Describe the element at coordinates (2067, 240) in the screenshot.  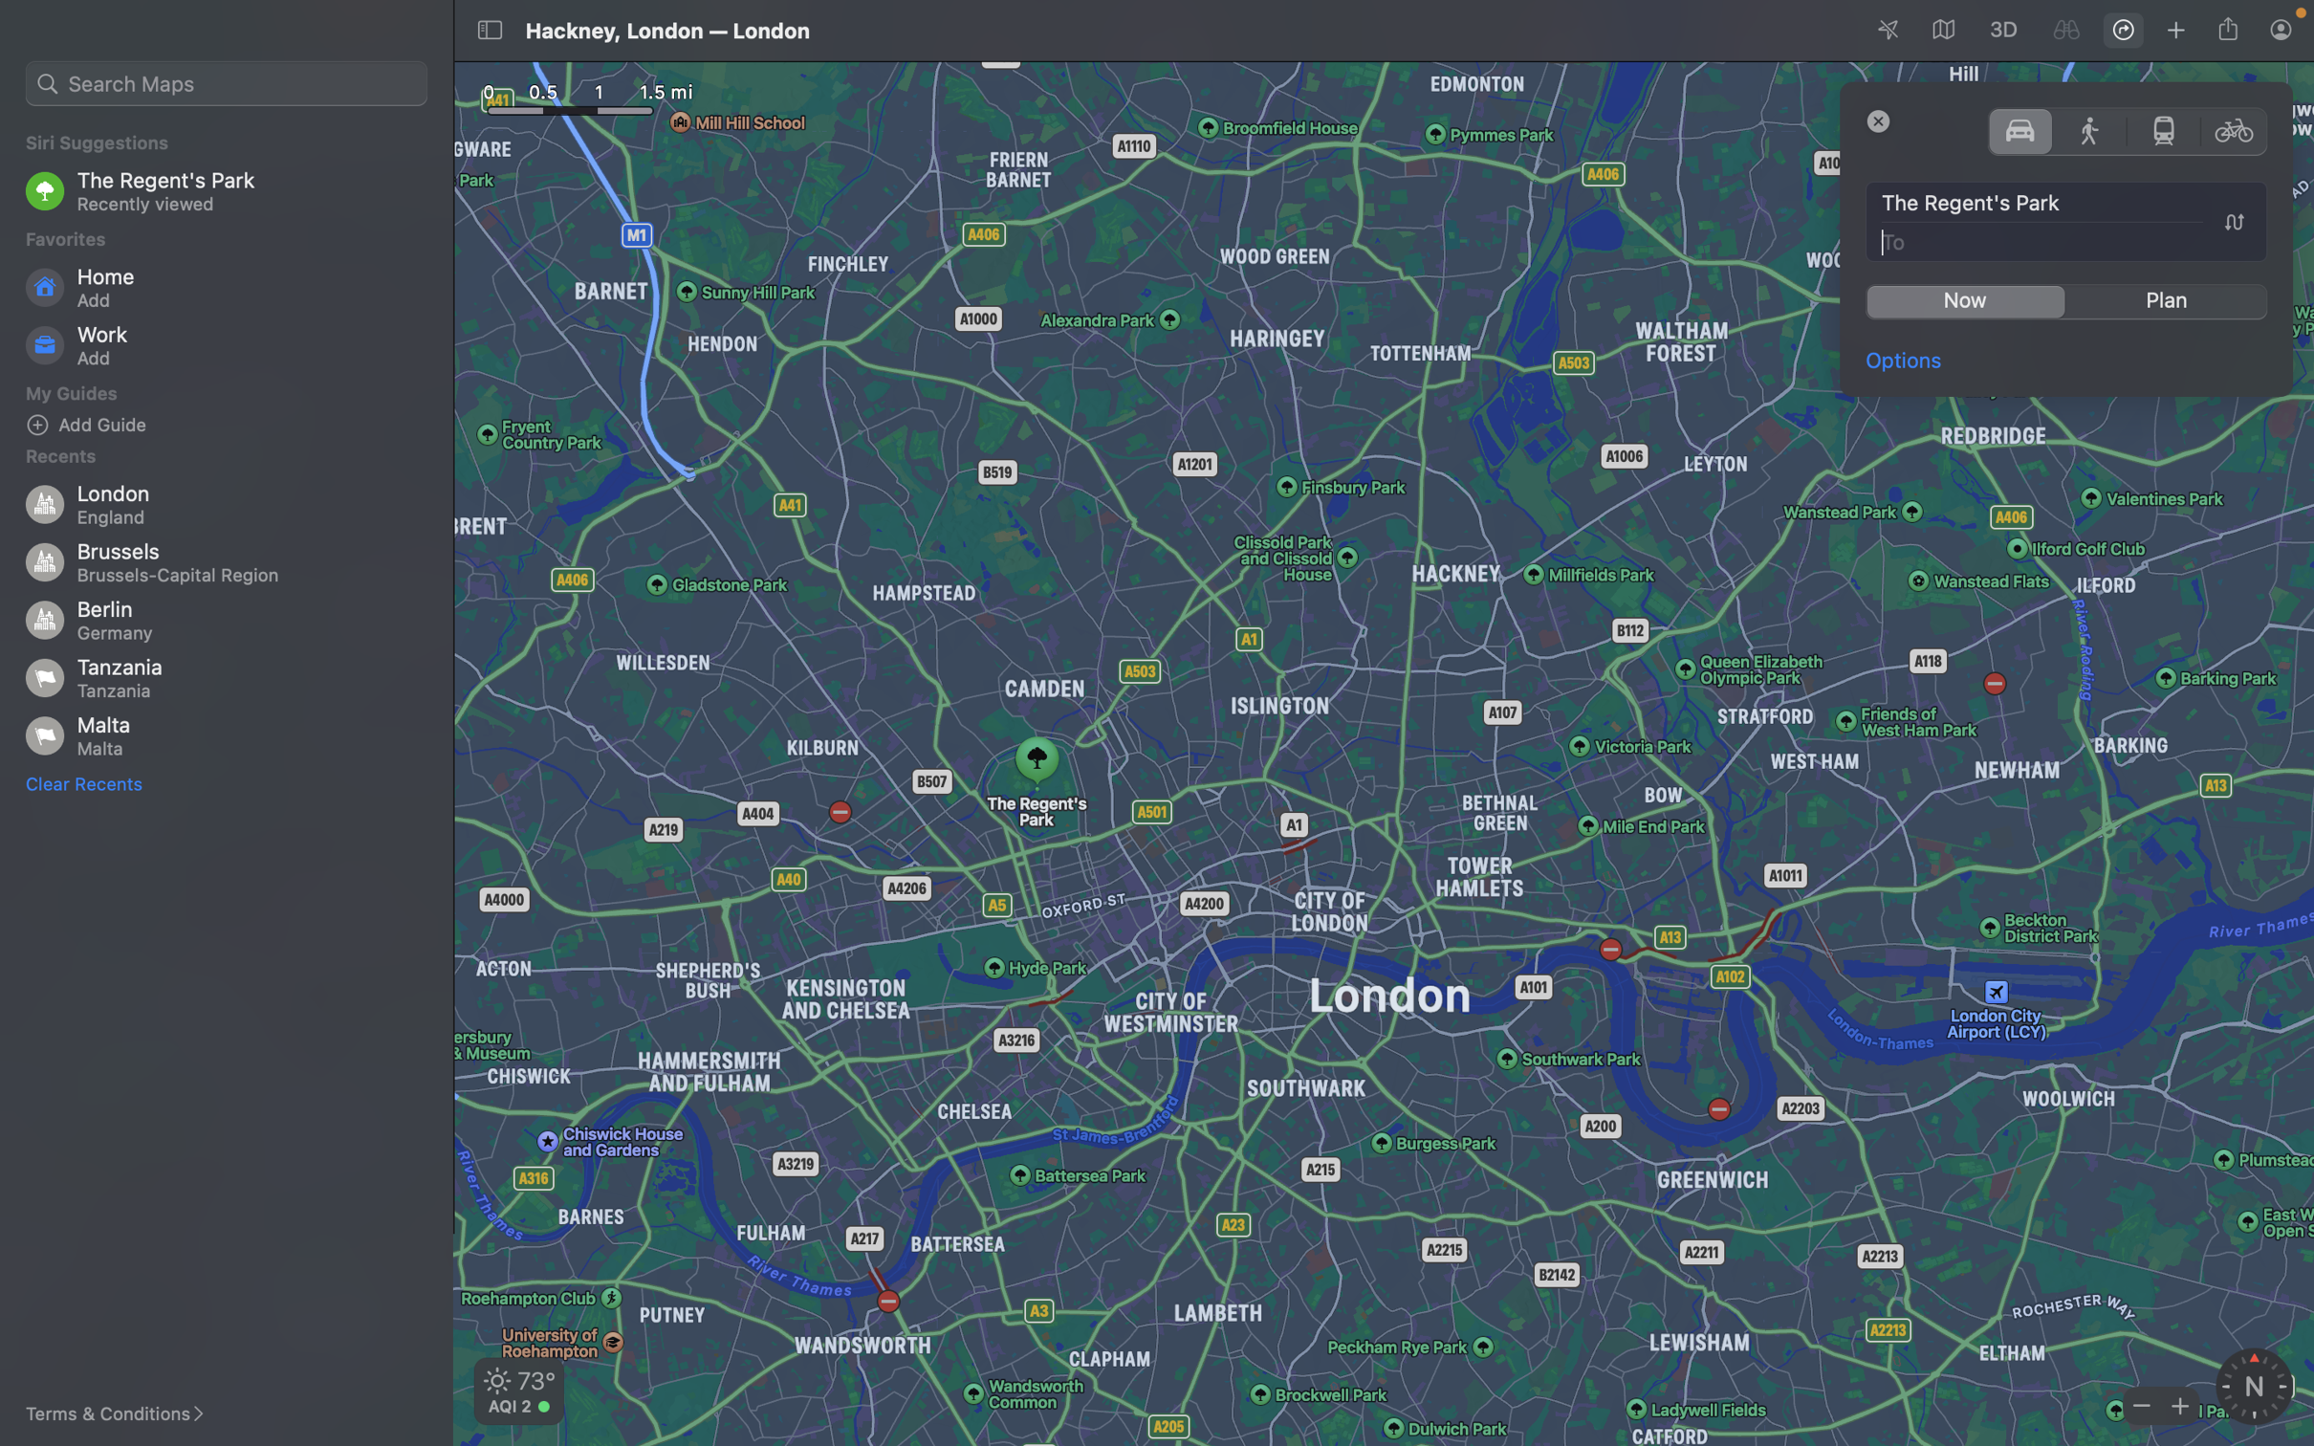
I see `Configure the final stop as London` at that location.